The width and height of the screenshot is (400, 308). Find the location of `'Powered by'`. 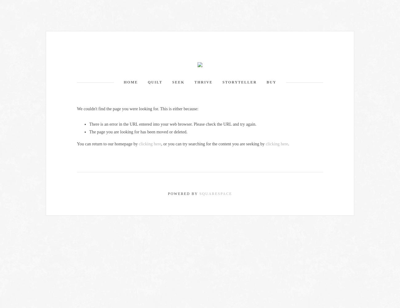

'Powered by' is located at coordinates (183, 193).